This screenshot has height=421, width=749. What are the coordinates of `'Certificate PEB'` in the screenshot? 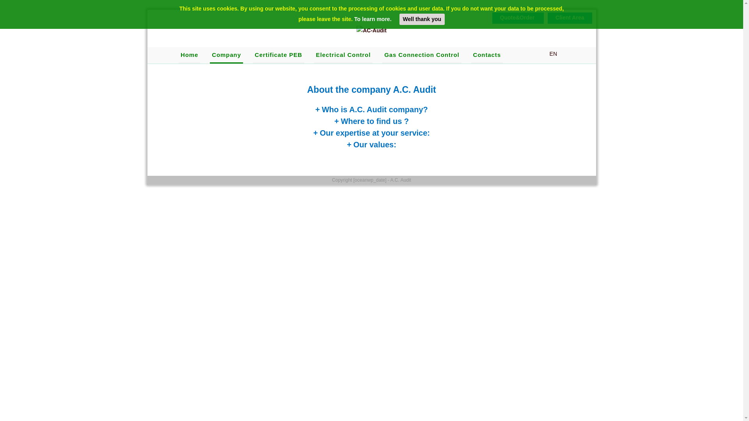 It's located at (279, 55).